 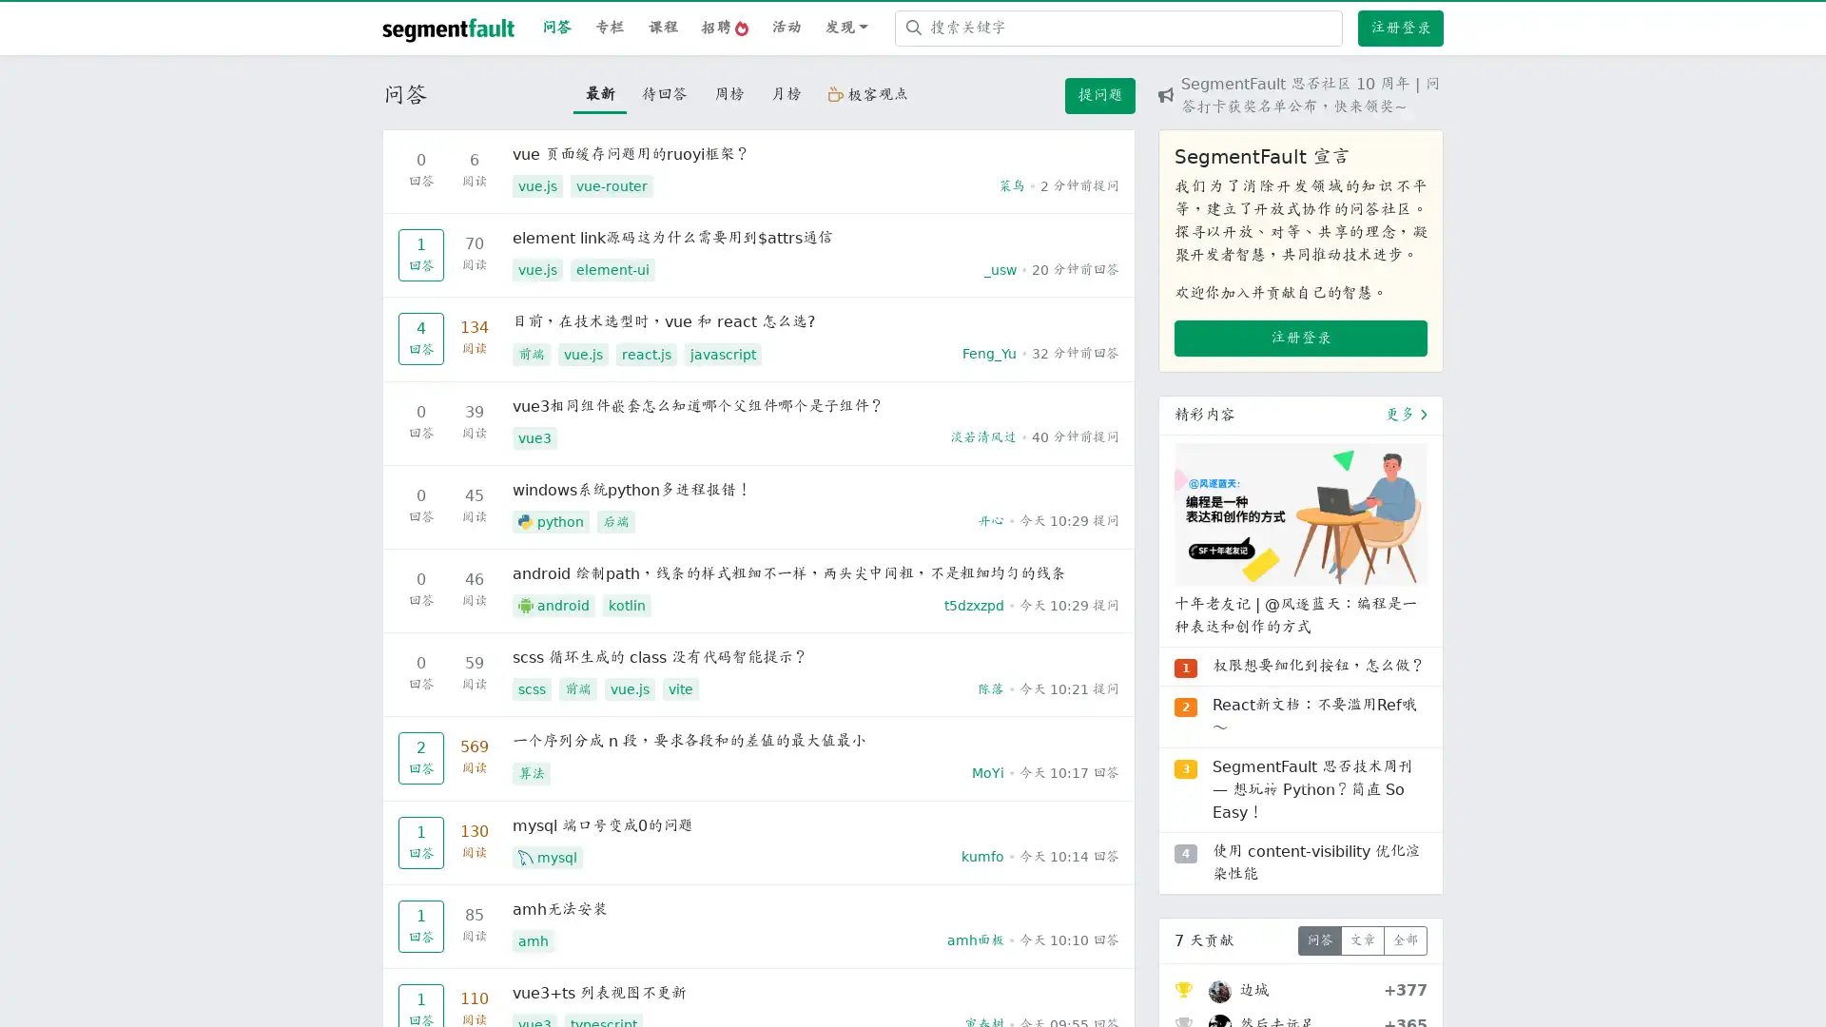 What do you see at coordinates (1333, 785) in the screenshot?
I see `Slide 3` at bounding box center [1333, 785].